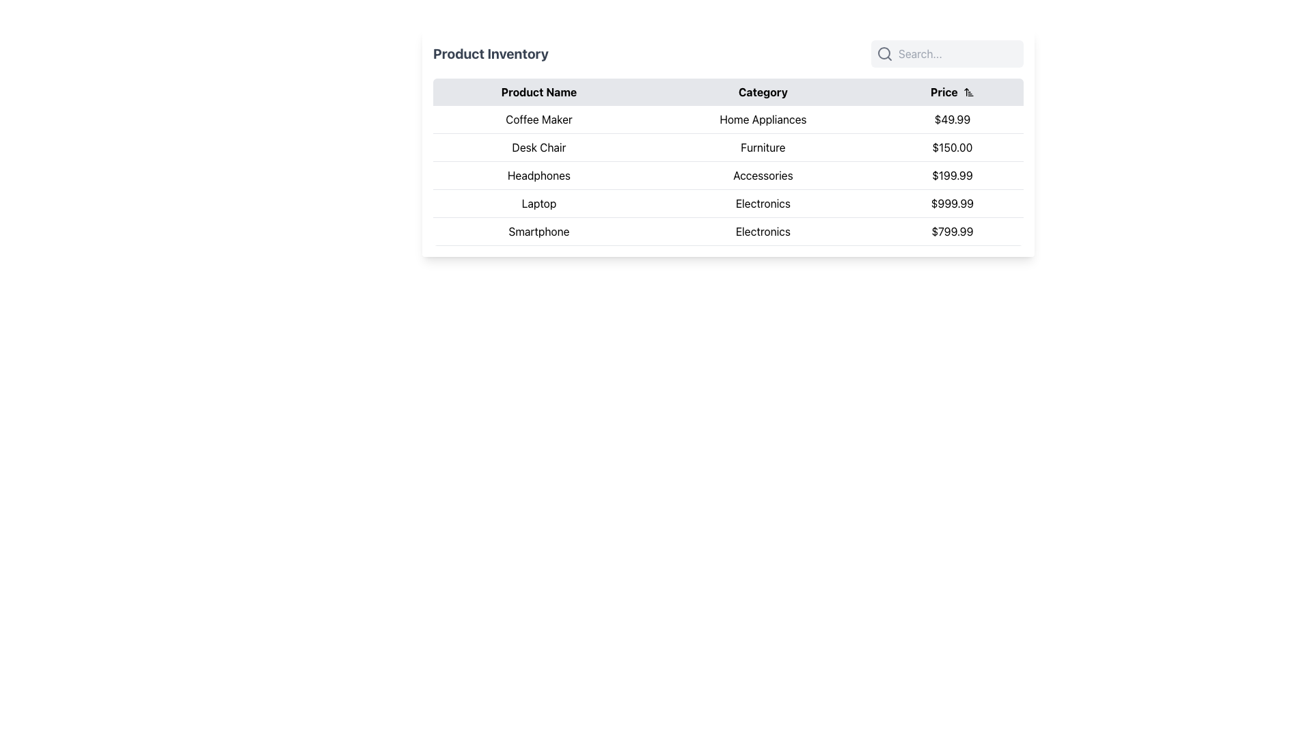 This screenshot has width=1312, height=738. Describe the element at coordinates (538, 92) in the screenshot. I see `the 'Product Name' header label in the first column of the table` at that location.